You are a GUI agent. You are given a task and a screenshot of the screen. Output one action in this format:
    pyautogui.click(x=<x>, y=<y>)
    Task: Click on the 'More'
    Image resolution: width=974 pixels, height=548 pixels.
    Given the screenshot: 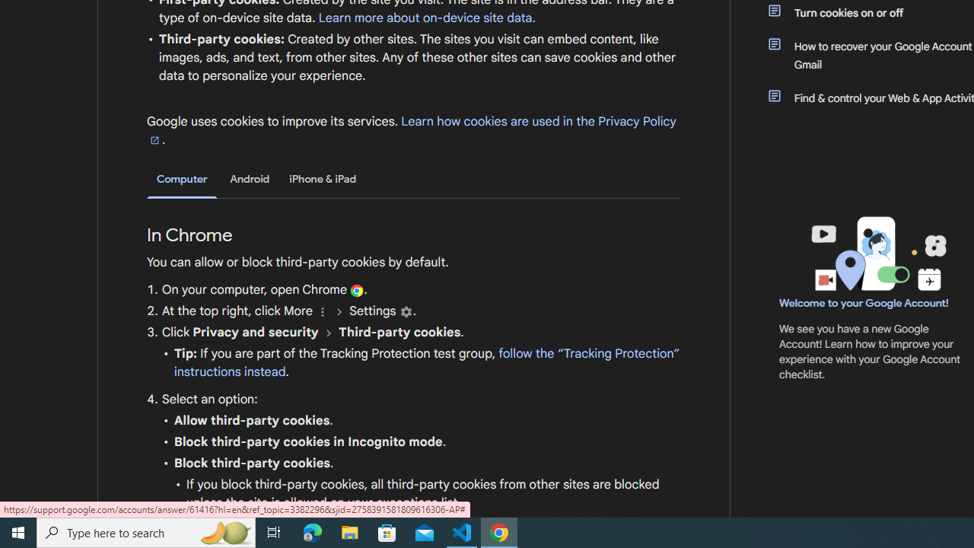 What is the action you would take?
    pyautogui.click(x=322, y=311)
    